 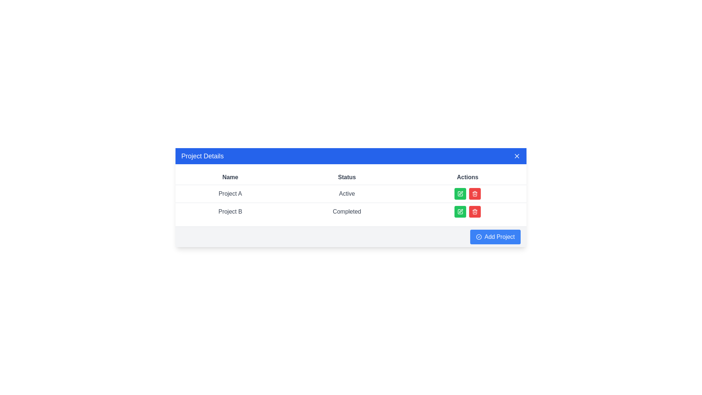 I want to click on success confirmation icon located to the left of the 'Add Project' button at the bottom-right corner of the interface, so click(x=479, y=237).